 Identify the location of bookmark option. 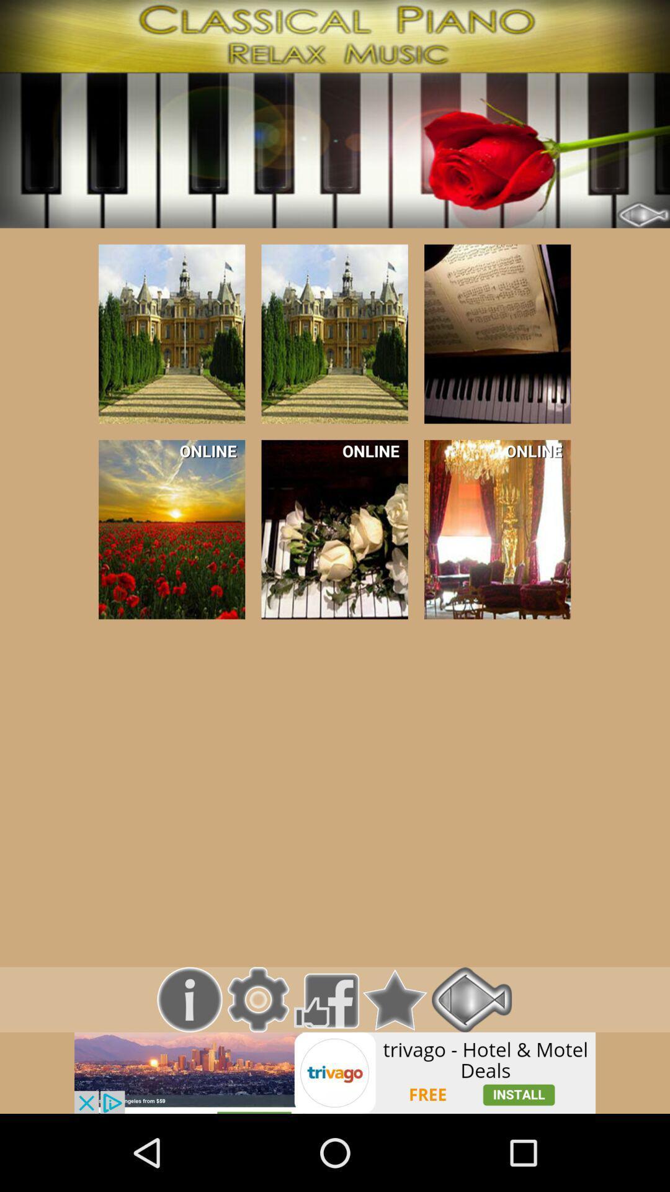
(395, 1000).